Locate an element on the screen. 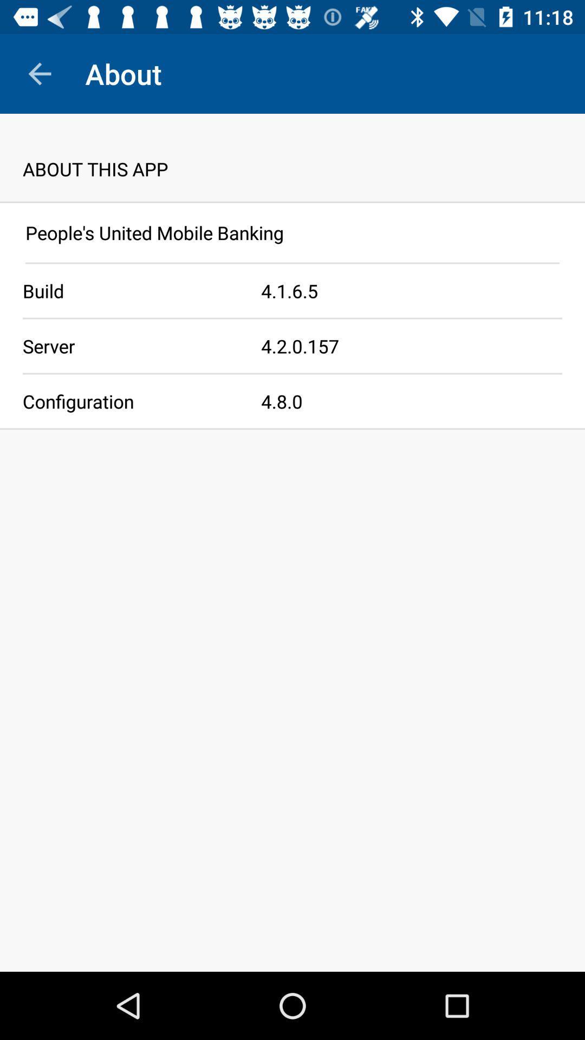 The image size is (585, 1040). icon below about this app app is located at coordinates (292, 202).